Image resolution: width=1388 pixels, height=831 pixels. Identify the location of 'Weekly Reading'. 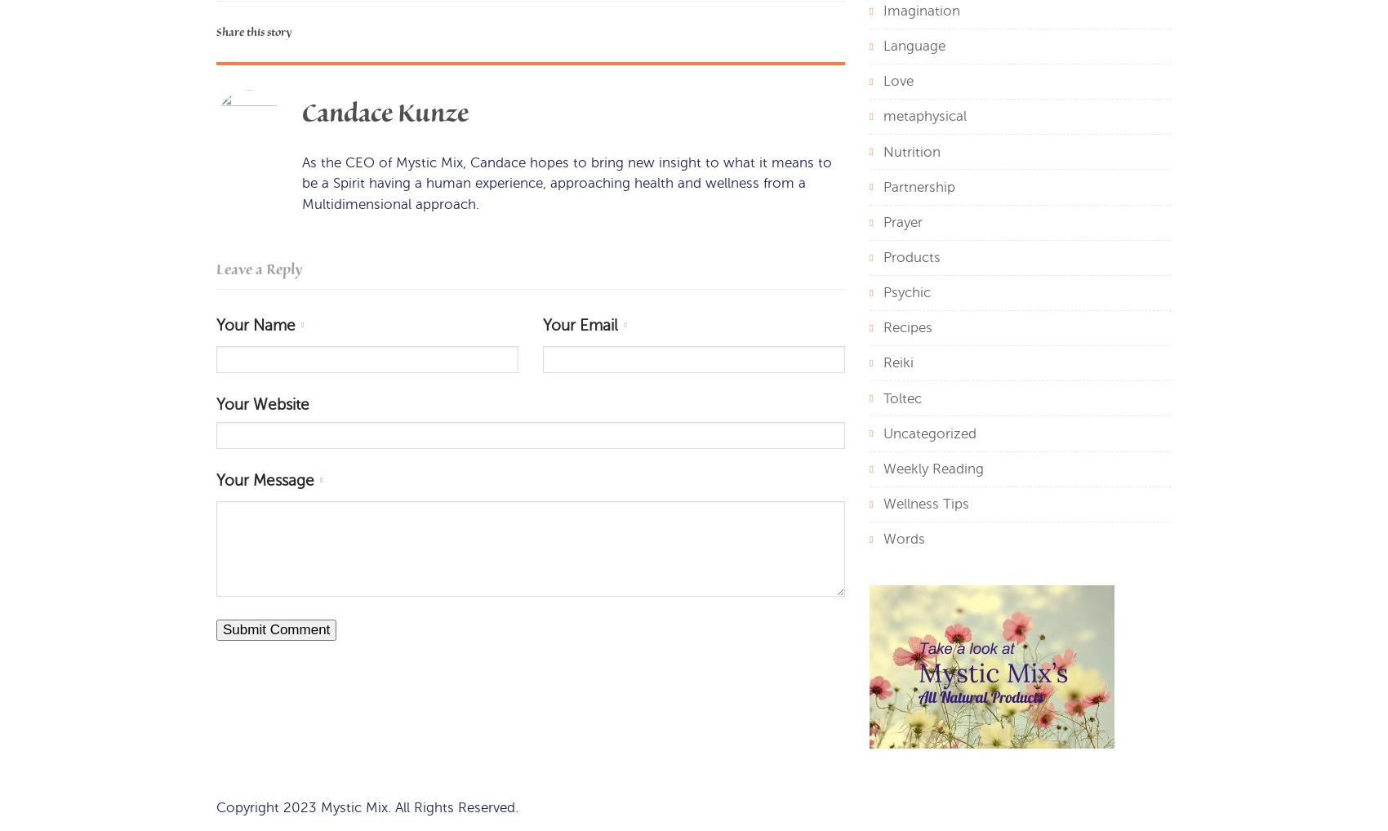
(933, 468).